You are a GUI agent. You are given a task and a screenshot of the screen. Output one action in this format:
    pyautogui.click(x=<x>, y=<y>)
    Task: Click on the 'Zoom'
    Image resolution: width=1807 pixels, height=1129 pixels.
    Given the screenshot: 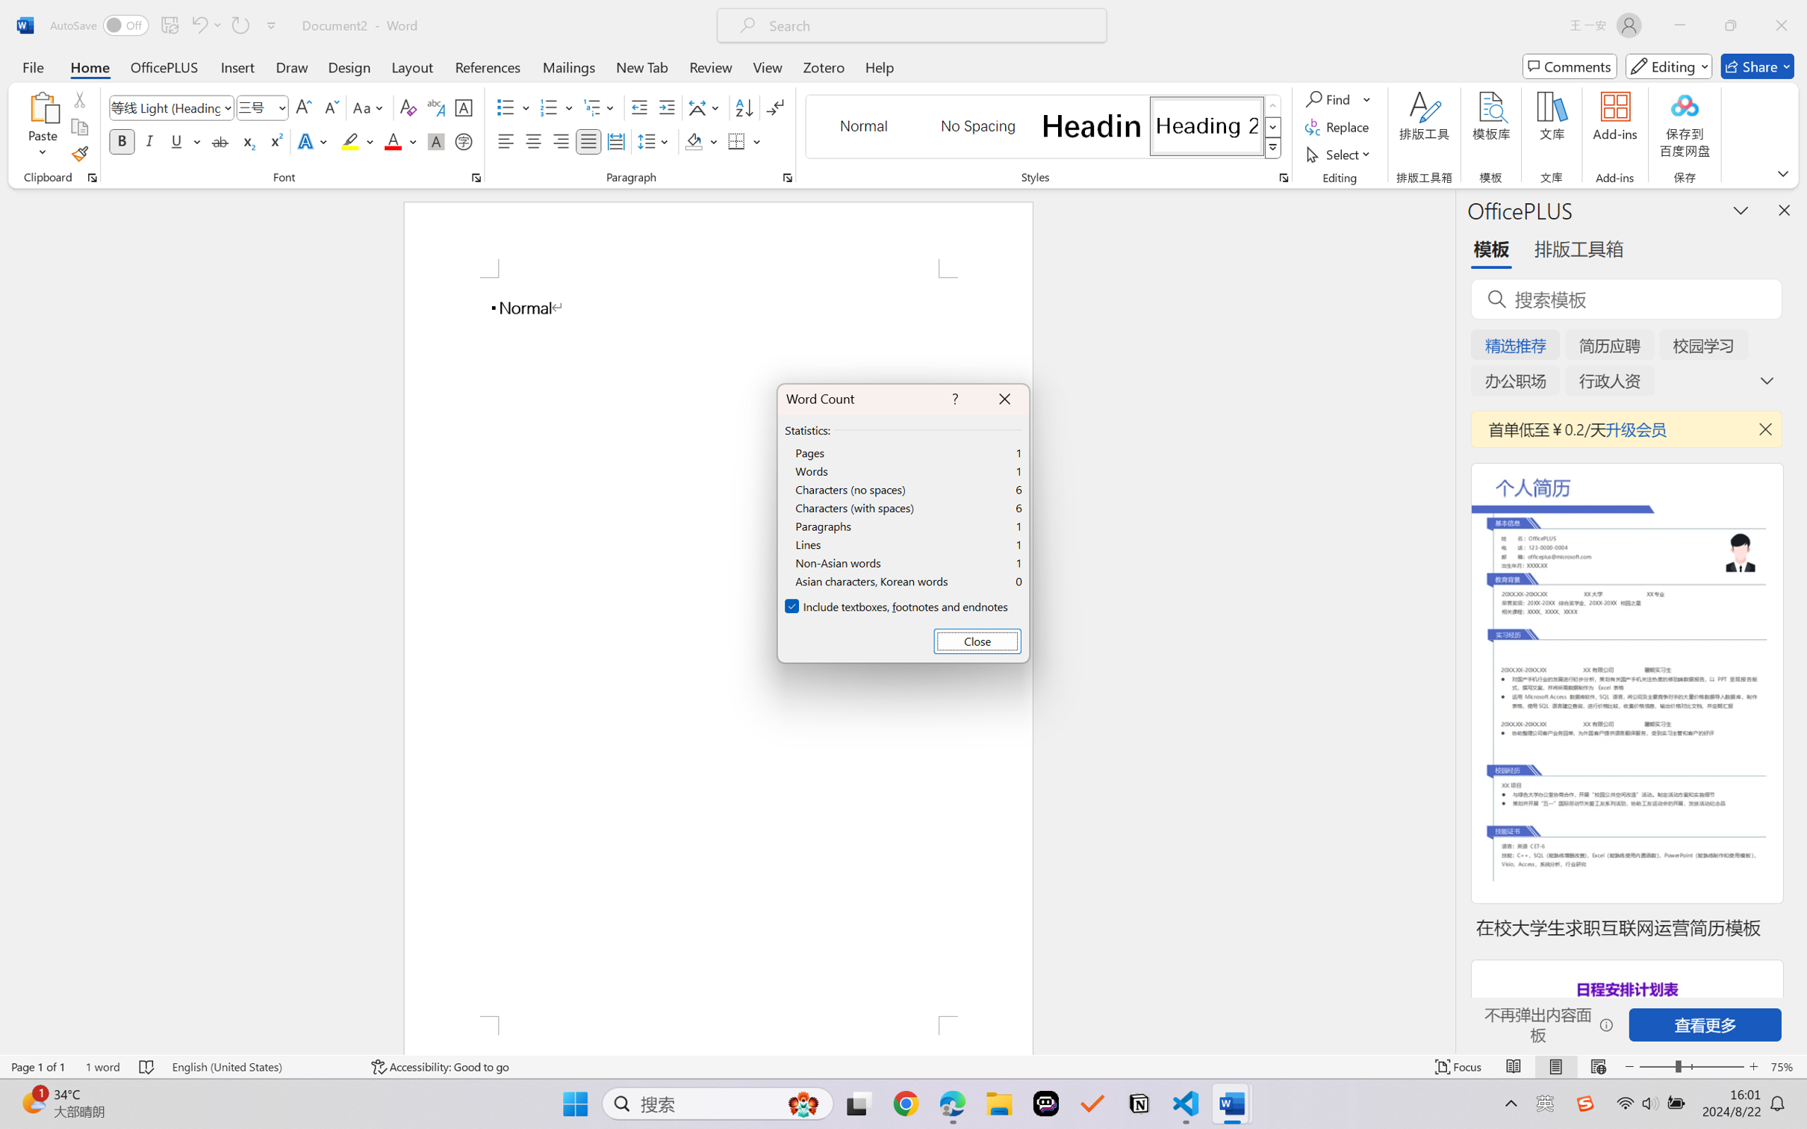 What is the action you would take?
    pyautogui.click(x=1692, y=1066)
    